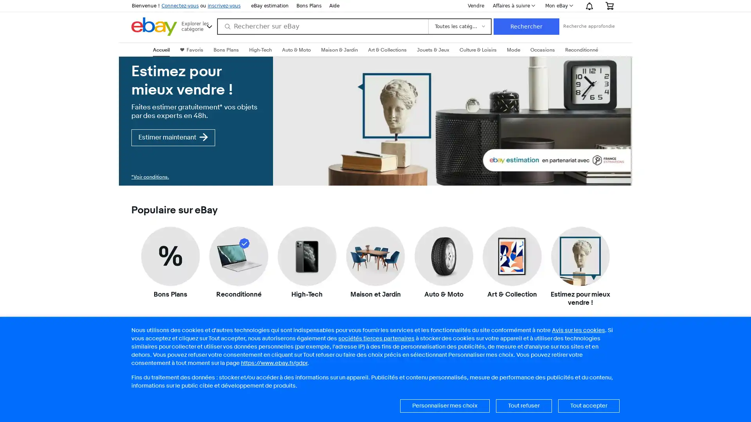  What do you see at coordinates (589, 405) in the screenshot?
I see `Accepter les conditions et les parametres de confidentialite` at bounding box center [589, 405].